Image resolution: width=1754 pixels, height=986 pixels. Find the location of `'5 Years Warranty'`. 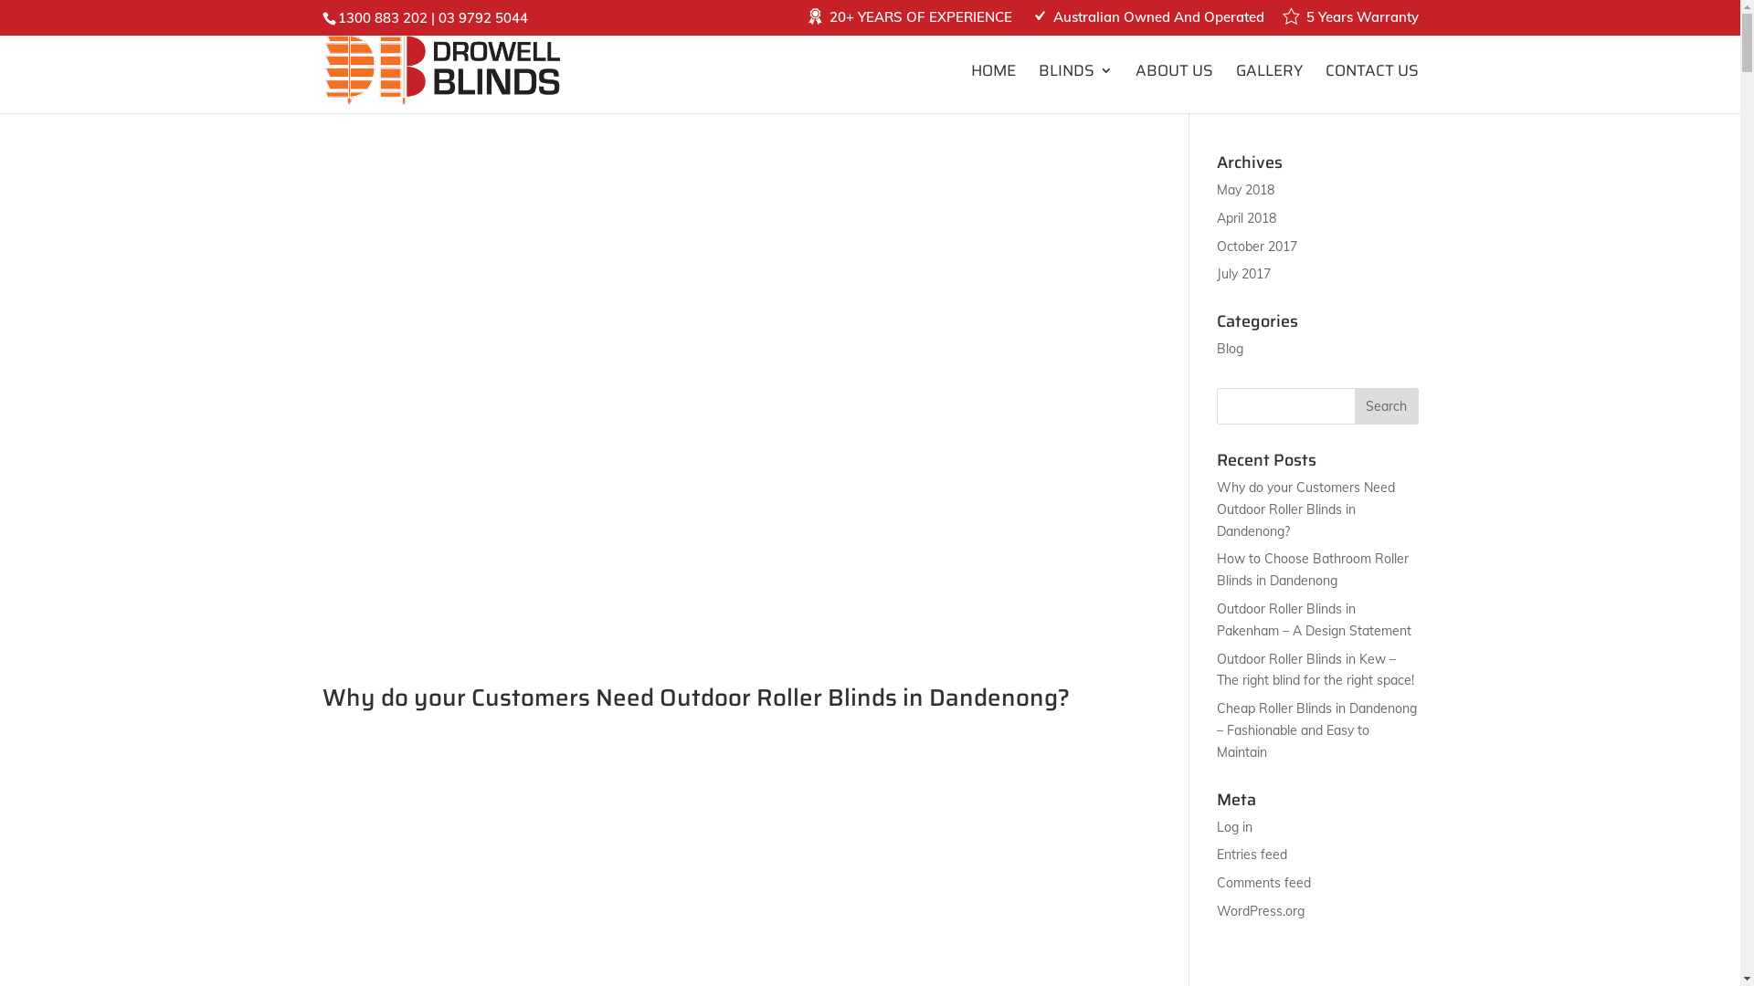

'5 Years Warranty' is located at coordinates (1349, 22).